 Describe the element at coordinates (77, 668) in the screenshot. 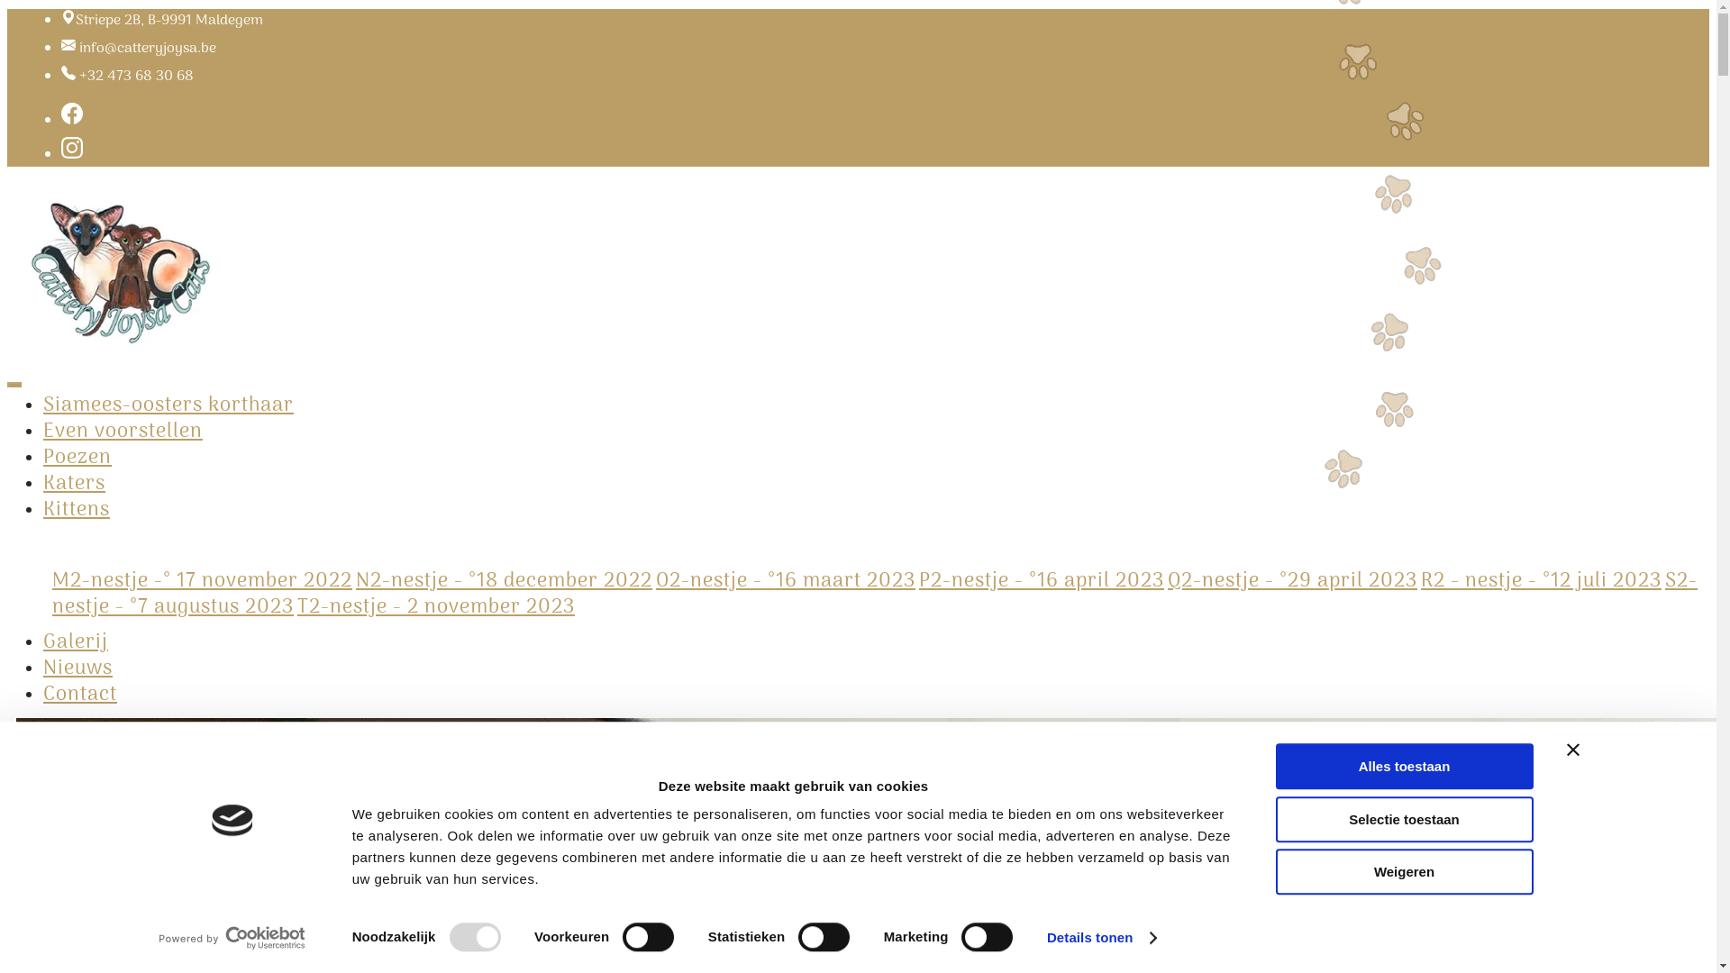

I see `'Nieuws'` at that location.